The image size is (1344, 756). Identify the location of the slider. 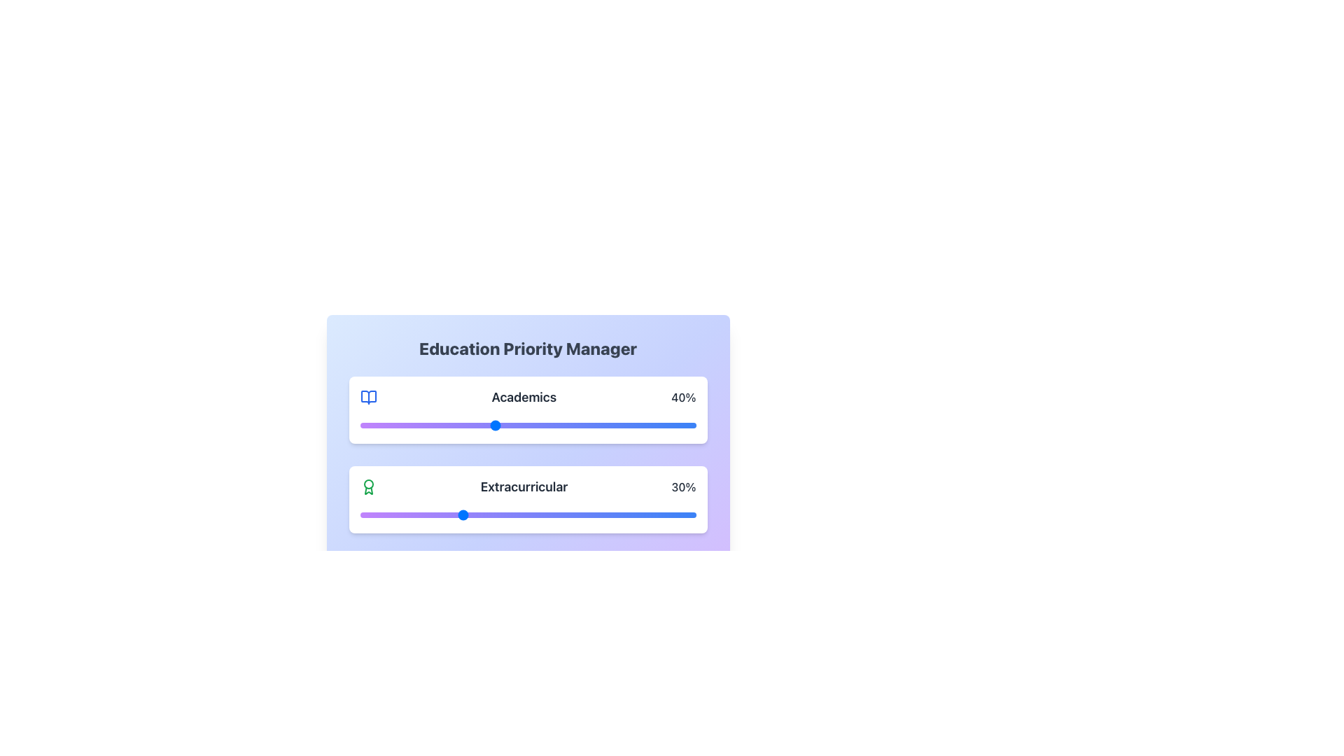
(654, 515).